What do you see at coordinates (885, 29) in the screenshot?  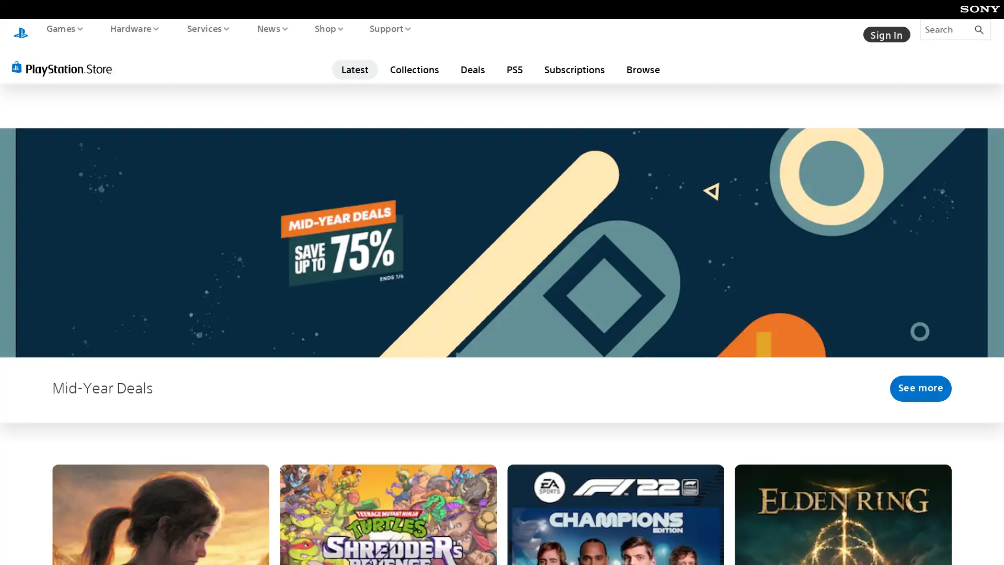 I see `Sign In` at bounding box center [885, 29].